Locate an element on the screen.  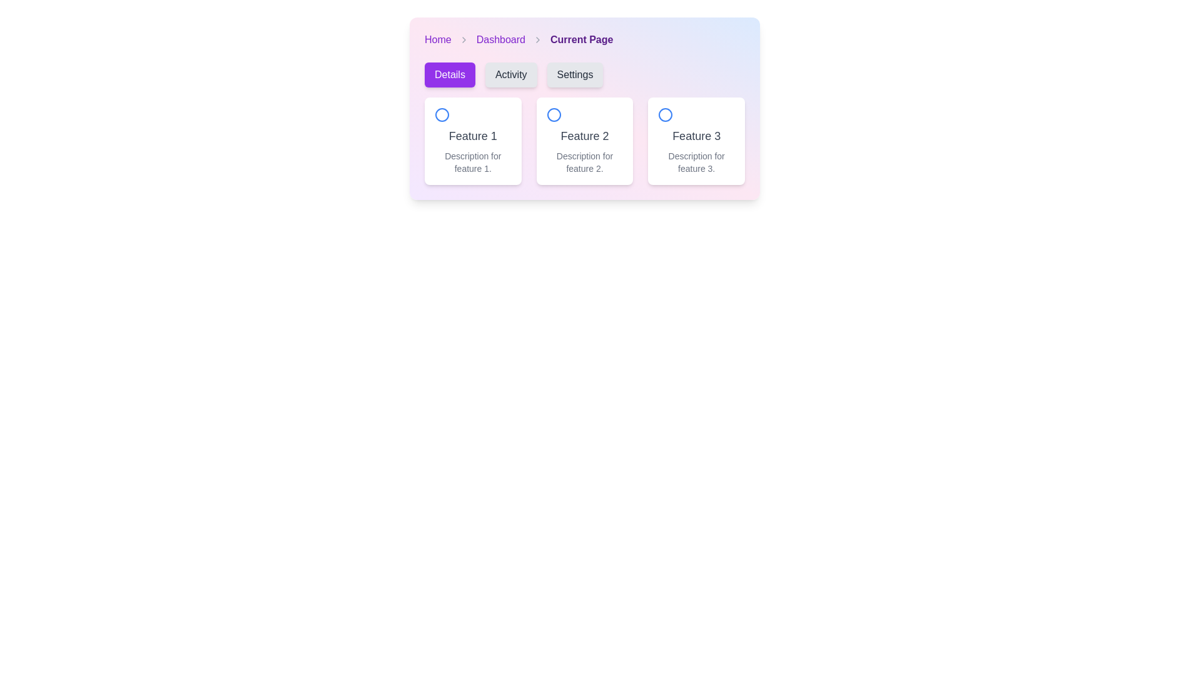
text of the label located in the upper-middle section of the card, which serves as a title to identify the content of the card is located at coordinates (472, 136).